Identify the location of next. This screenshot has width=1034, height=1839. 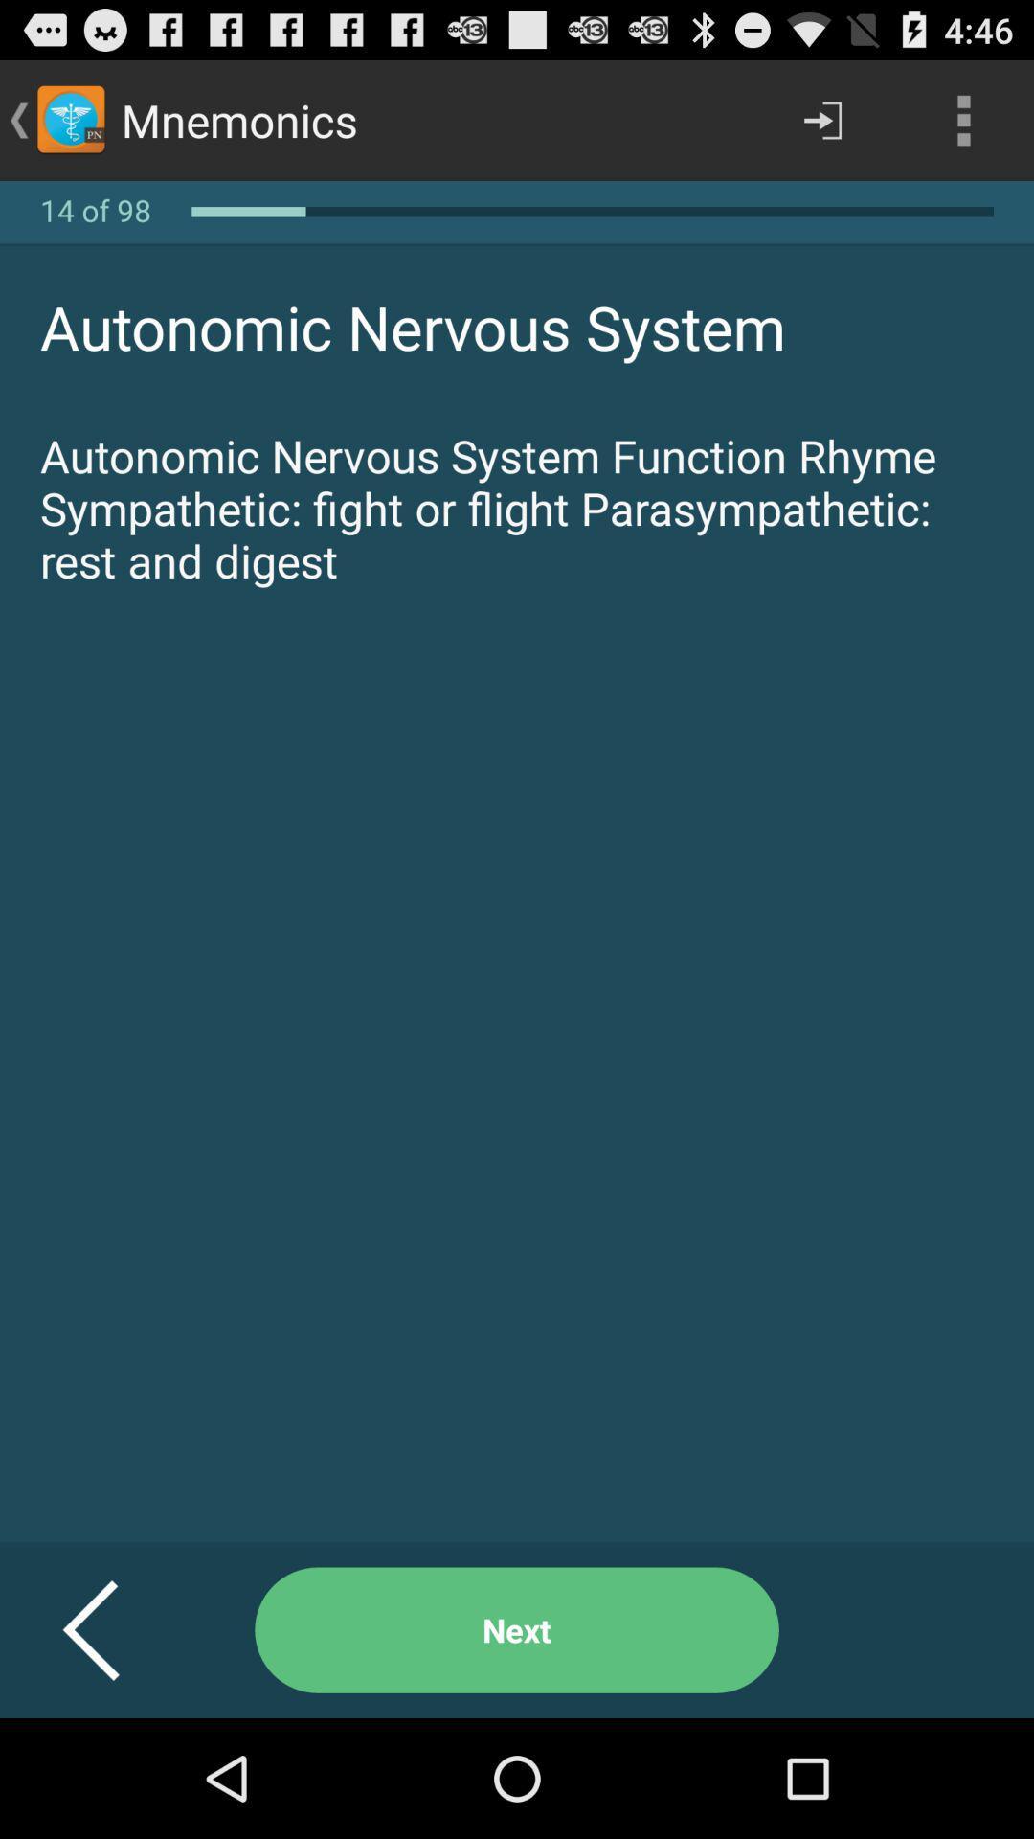
(517, 1629).